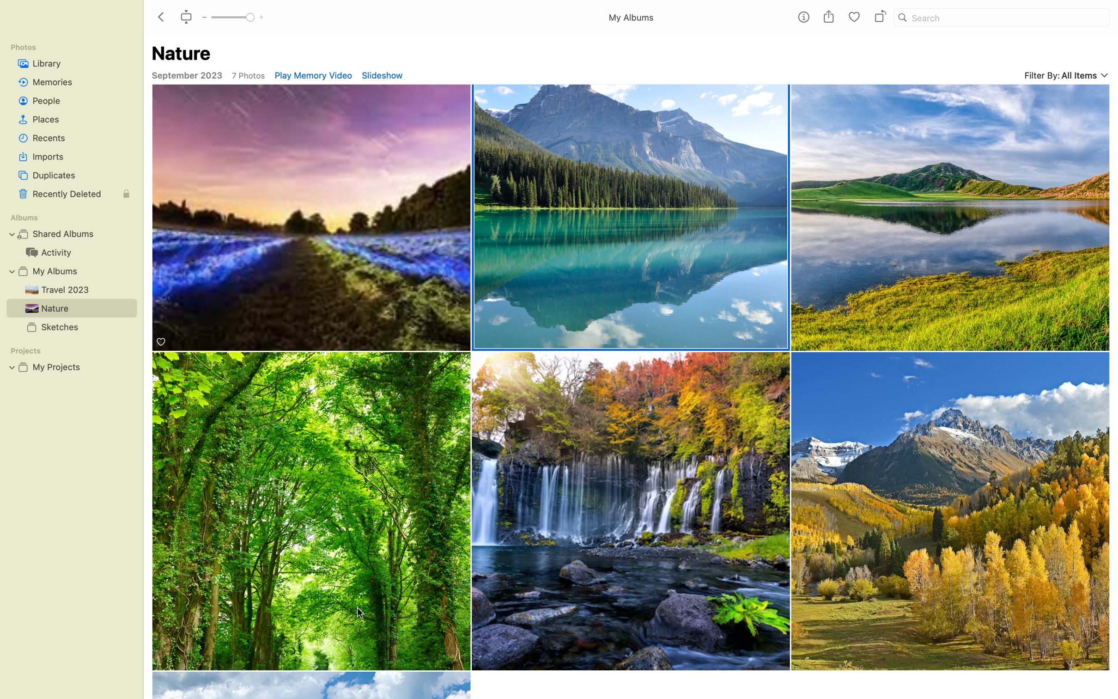 The height and width of the screenshot is (699, 1118). Describe the element at coordinates (311, 510) in the screenshot. I see `the pictures of "Forest` at that location.